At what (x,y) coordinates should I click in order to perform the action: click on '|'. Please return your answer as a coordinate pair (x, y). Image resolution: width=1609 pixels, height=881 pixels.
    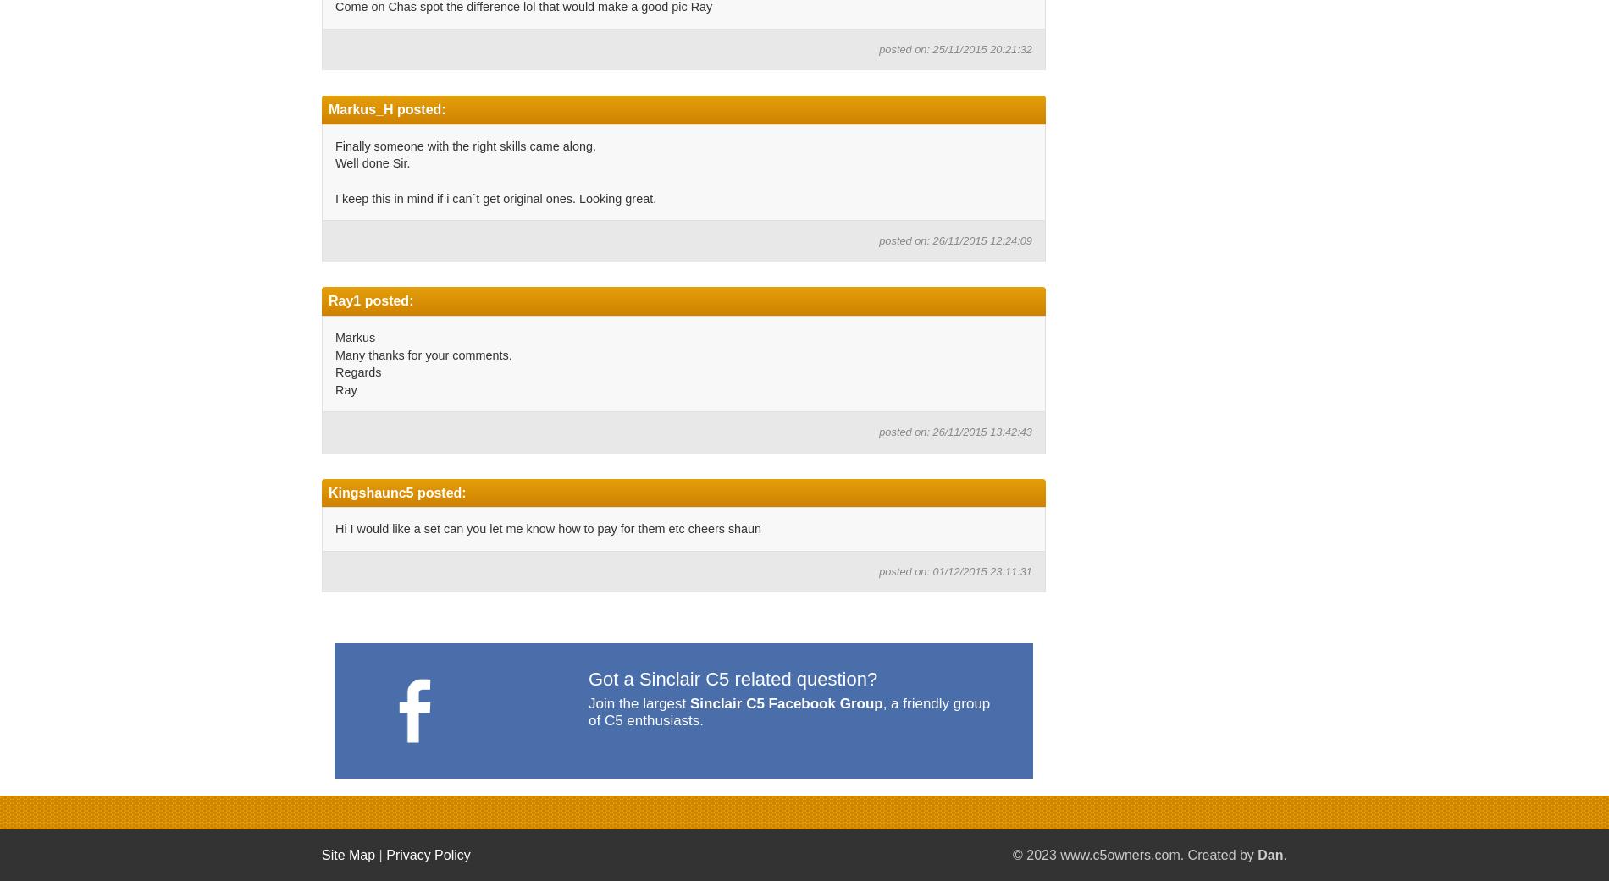
    Looking at the image, I should click on (379, 855).